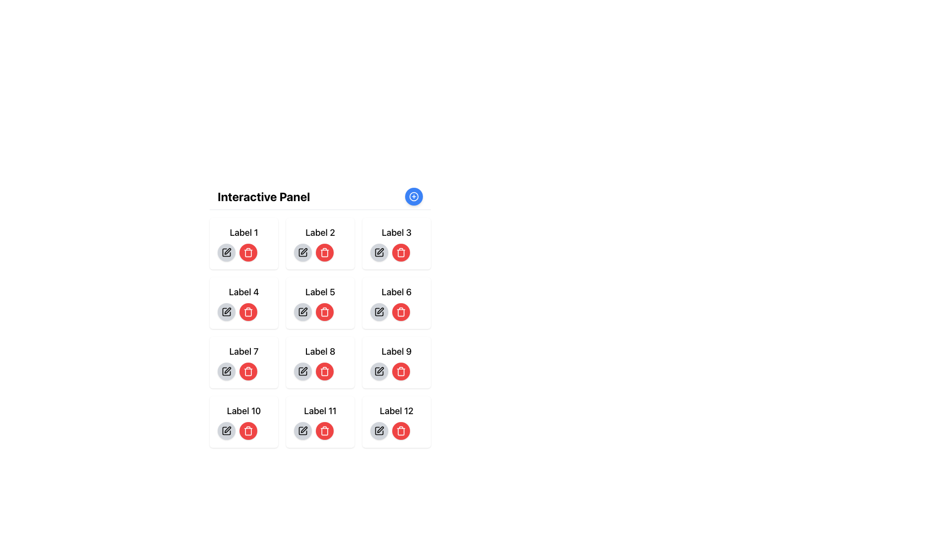 This screenshot has width=952, height=535. Describe the element at coordinates (414, 197) in the screenshot. I see `the addition icon located in the top-right corner of the interface above the 'Interactive Panel'` at that location.